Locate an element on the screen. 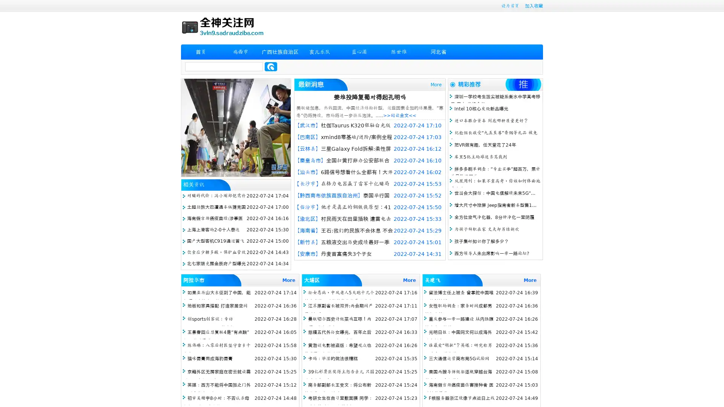  Search is located at coordinates (271, 66).